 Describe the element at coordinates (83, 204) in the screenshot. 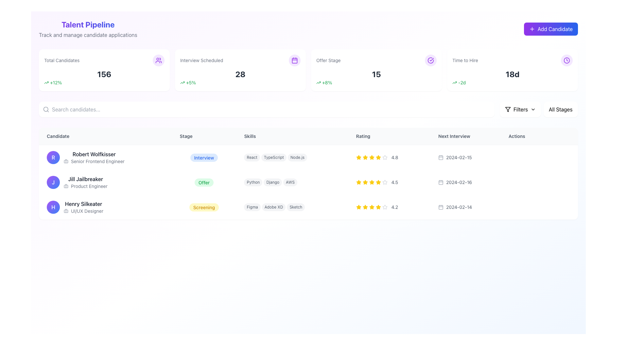

I see `the bold text label displaying 'Henry Silkeater' in the Candidate column of the table` at that location.